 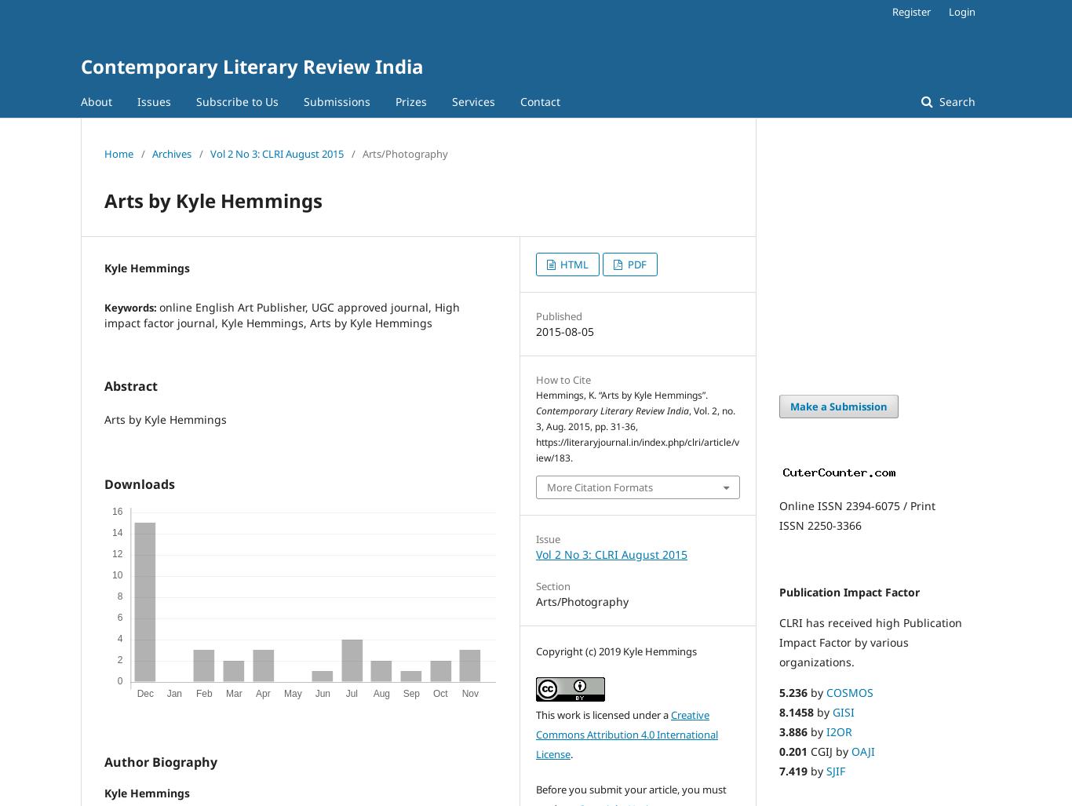 I want to click on '2015-08-05', so click(x=565, y=330).